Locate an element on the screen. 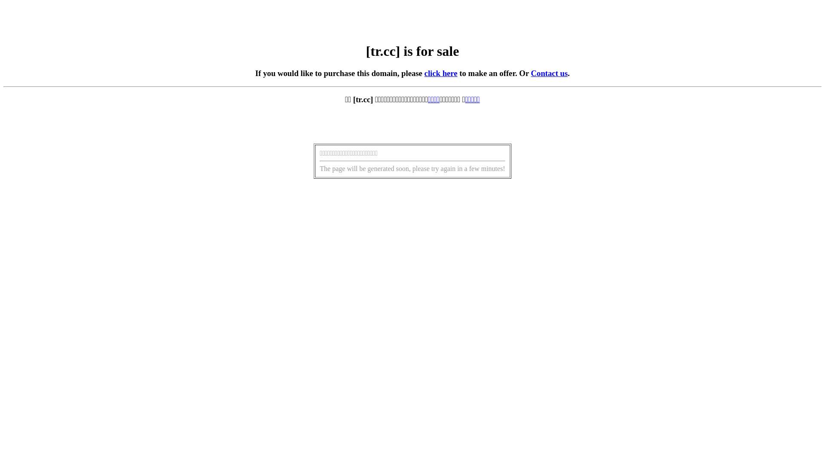 Image resolution: width=825 pixels, height=464 pixels. 'Contact us' is located at coordinates (549, 73).